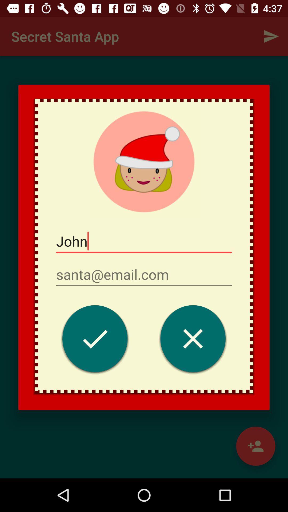  What do you see at coordinates (144, 274) in the screenshot?
I see `email` at bounding box center [144, 274].